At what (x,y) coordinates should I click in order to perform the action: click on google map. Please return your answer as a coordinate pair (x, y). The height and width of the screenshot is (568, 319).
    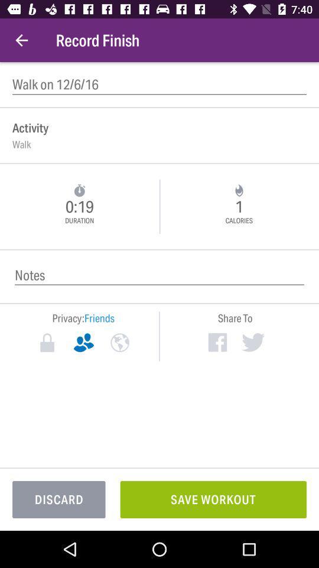
    Looking at the image, I should click on (119, 343).